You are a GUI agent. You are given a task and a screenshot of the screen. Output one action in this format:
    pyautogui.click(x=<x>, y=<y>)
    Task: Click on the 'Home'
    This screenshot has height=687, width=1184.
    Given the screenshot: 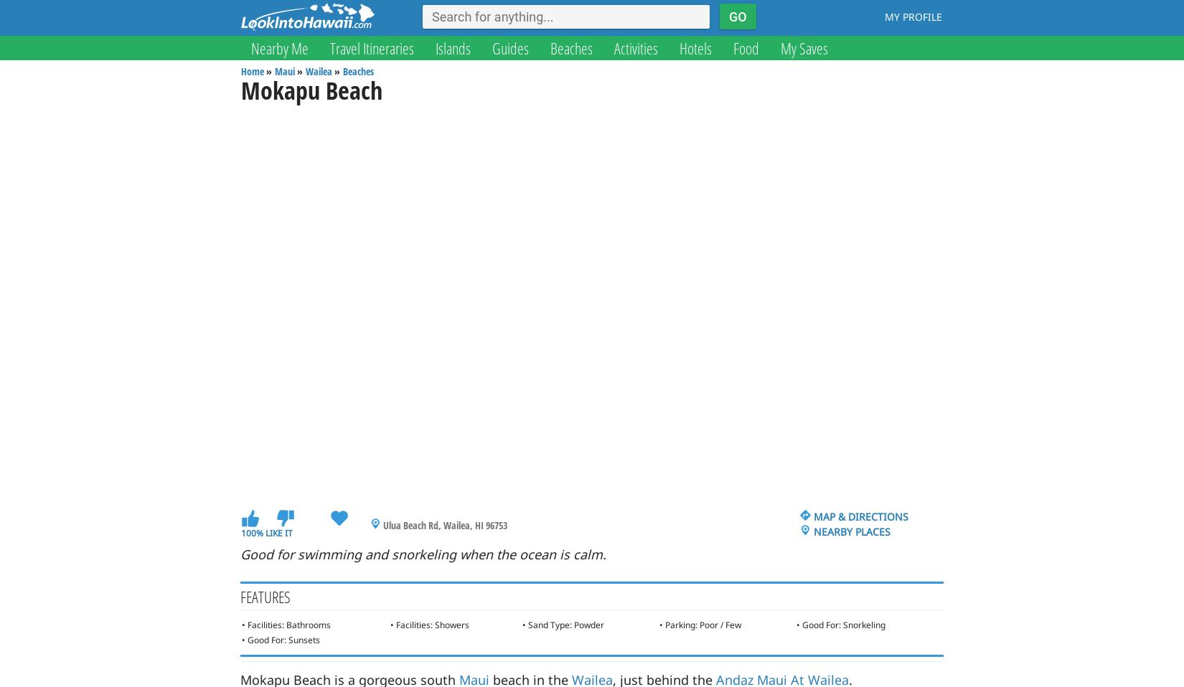 What is the action you would take?
    pyautogui.click(x=252, y=71)
    